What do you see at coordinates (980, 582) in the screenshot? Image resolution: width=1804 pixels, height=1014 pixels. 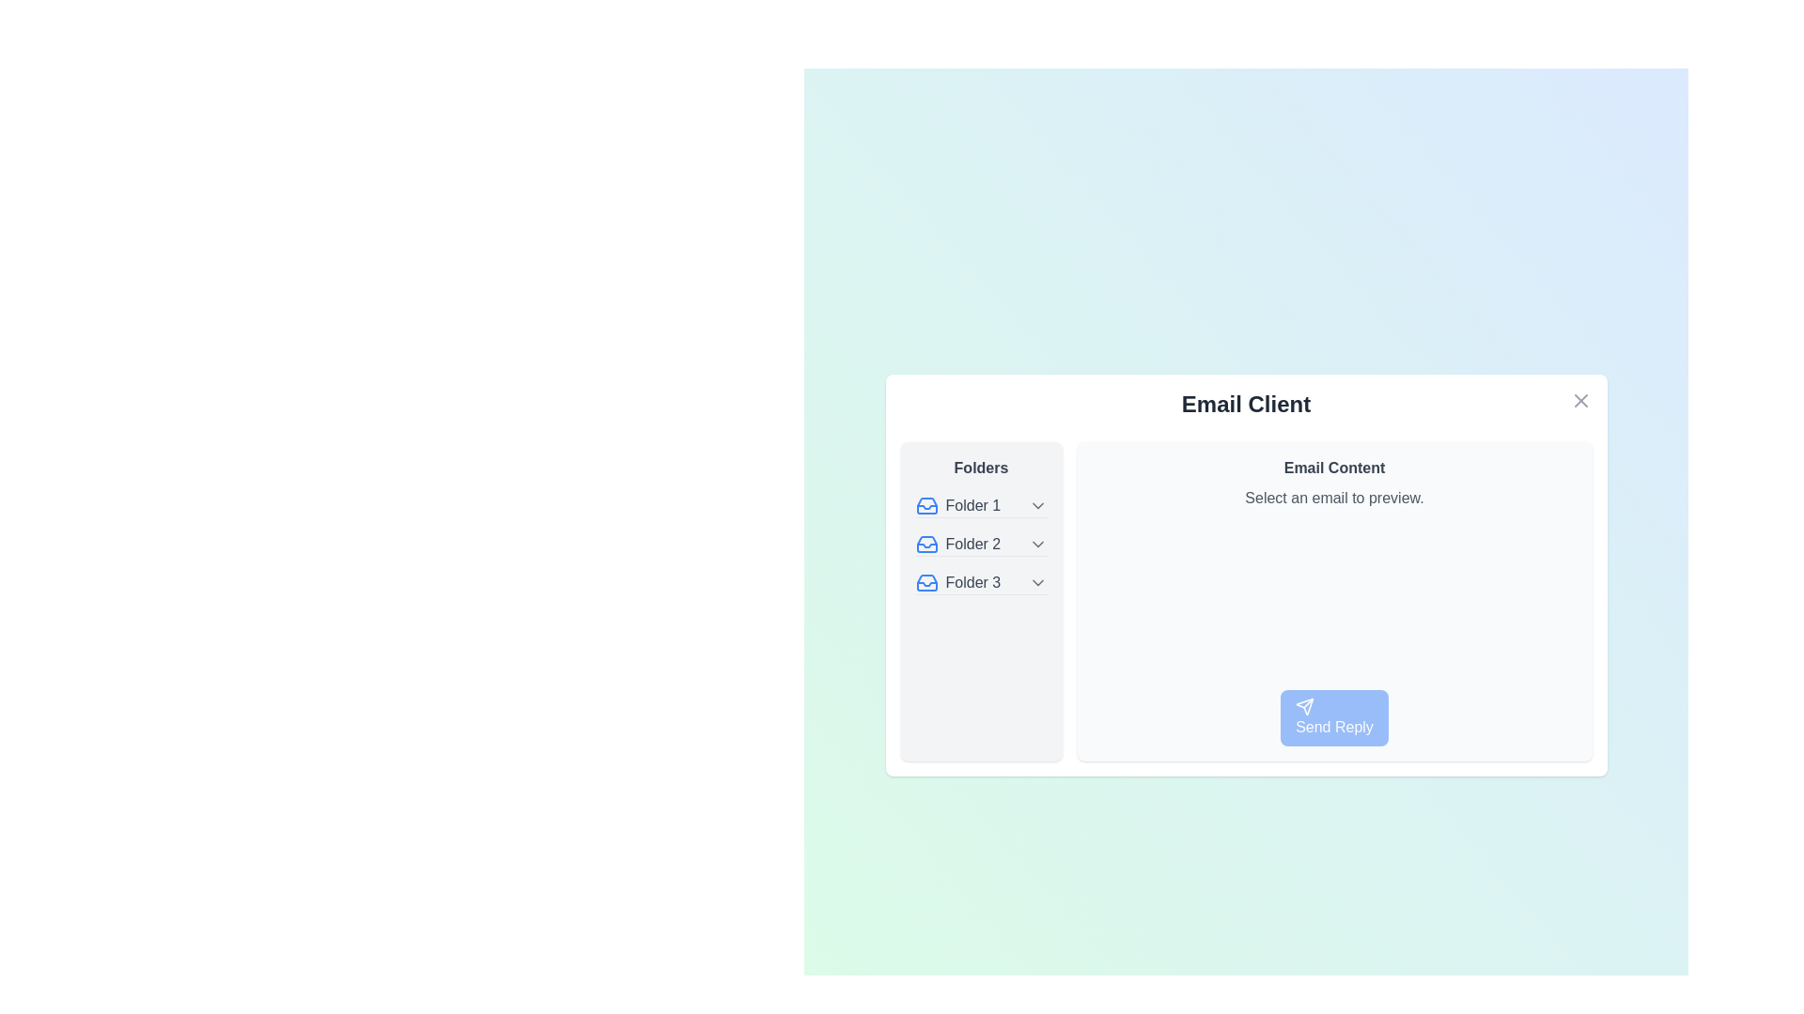 I see `the interactive list item labeled 'Folder 3'` at bounding box center [980, 582].